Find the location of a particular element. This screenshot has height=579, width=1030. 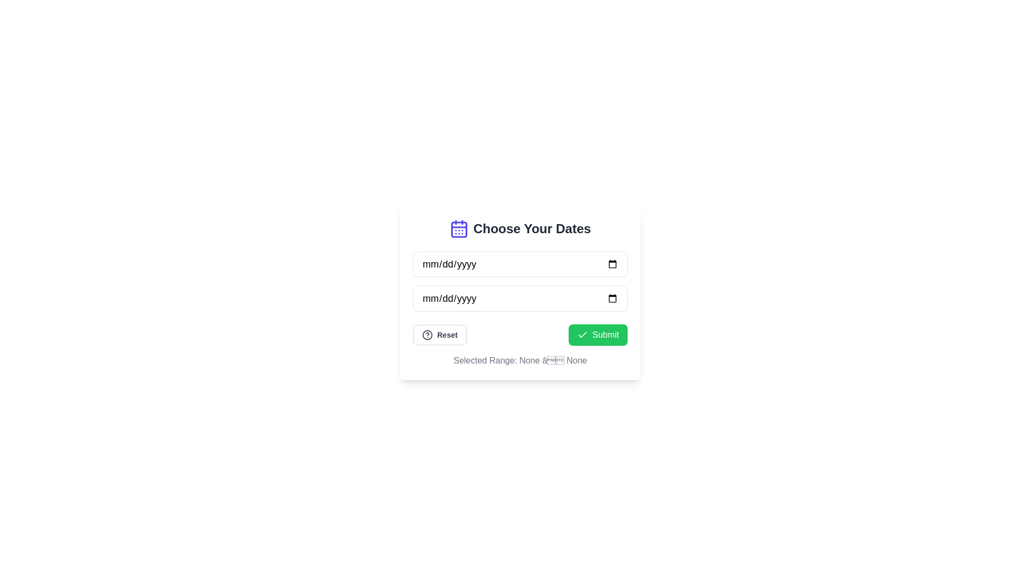

the circular icon with a question mark inside, which is positioned to the left of the 'Reset' text in the button, if it is interactive is located at coordinates (426, 334).